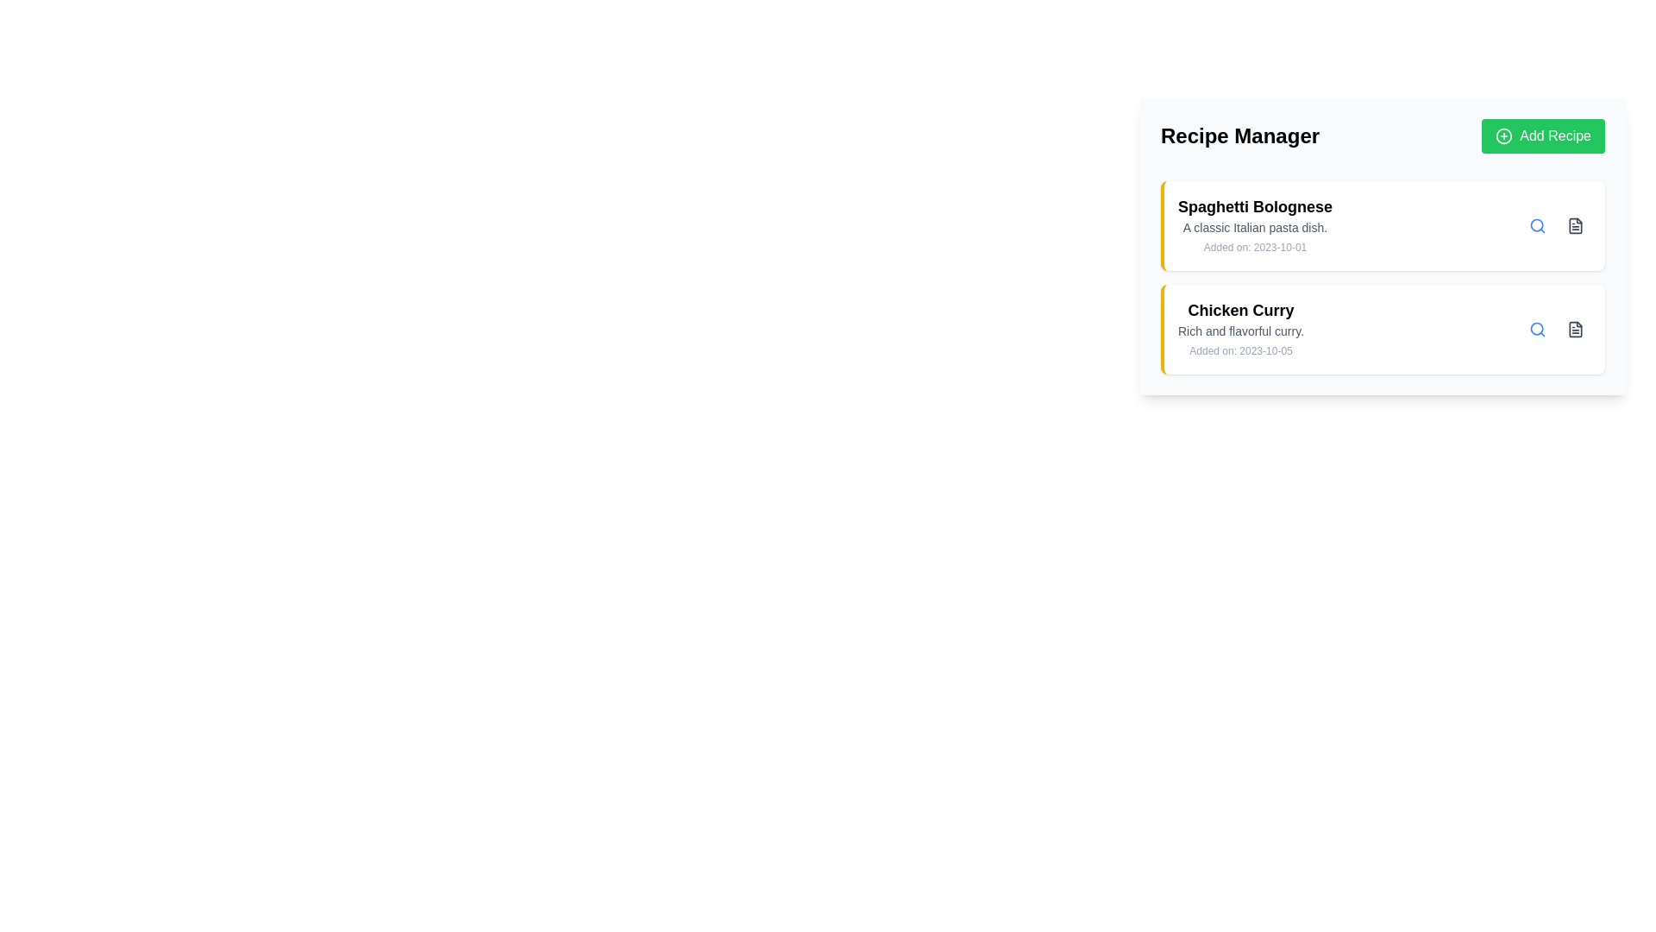 The height and width of the screenshot is (932, 1656). What do you see at coordinates (1543, 135) in the screenshot?
I see `the rectangular green button labeled 'Add Recipe' with a '+' icon, located in the upper-right corner of the 'Recipe Manager' section` at bounding box center [1543, 135].